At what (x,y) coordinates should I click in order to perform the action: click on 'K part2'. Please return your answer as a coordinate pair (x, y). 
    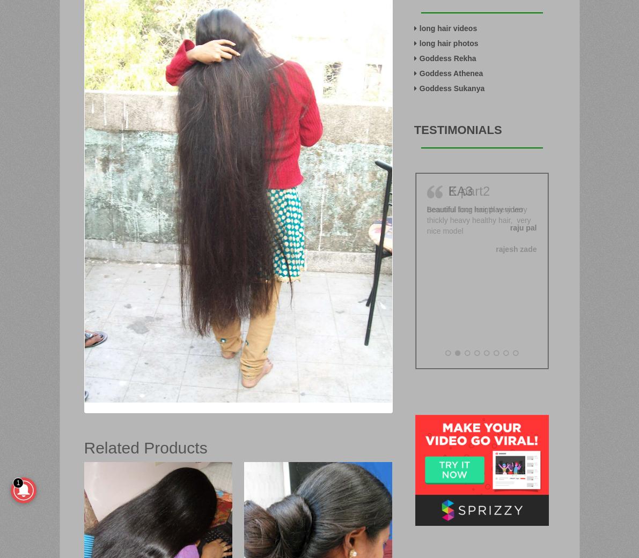
    Looking at the image, I should click on (448, 191).